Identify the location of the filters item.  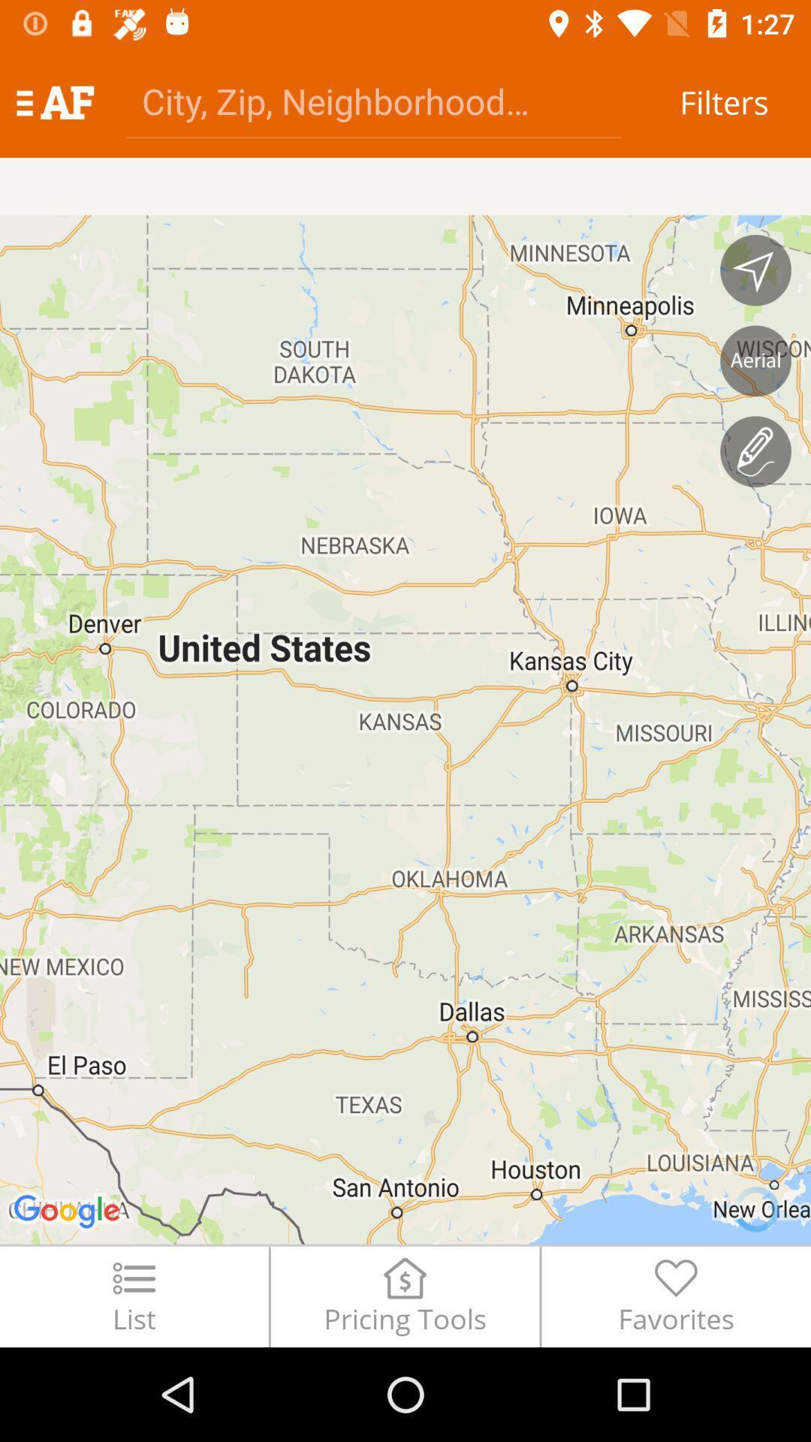
(723, 101).